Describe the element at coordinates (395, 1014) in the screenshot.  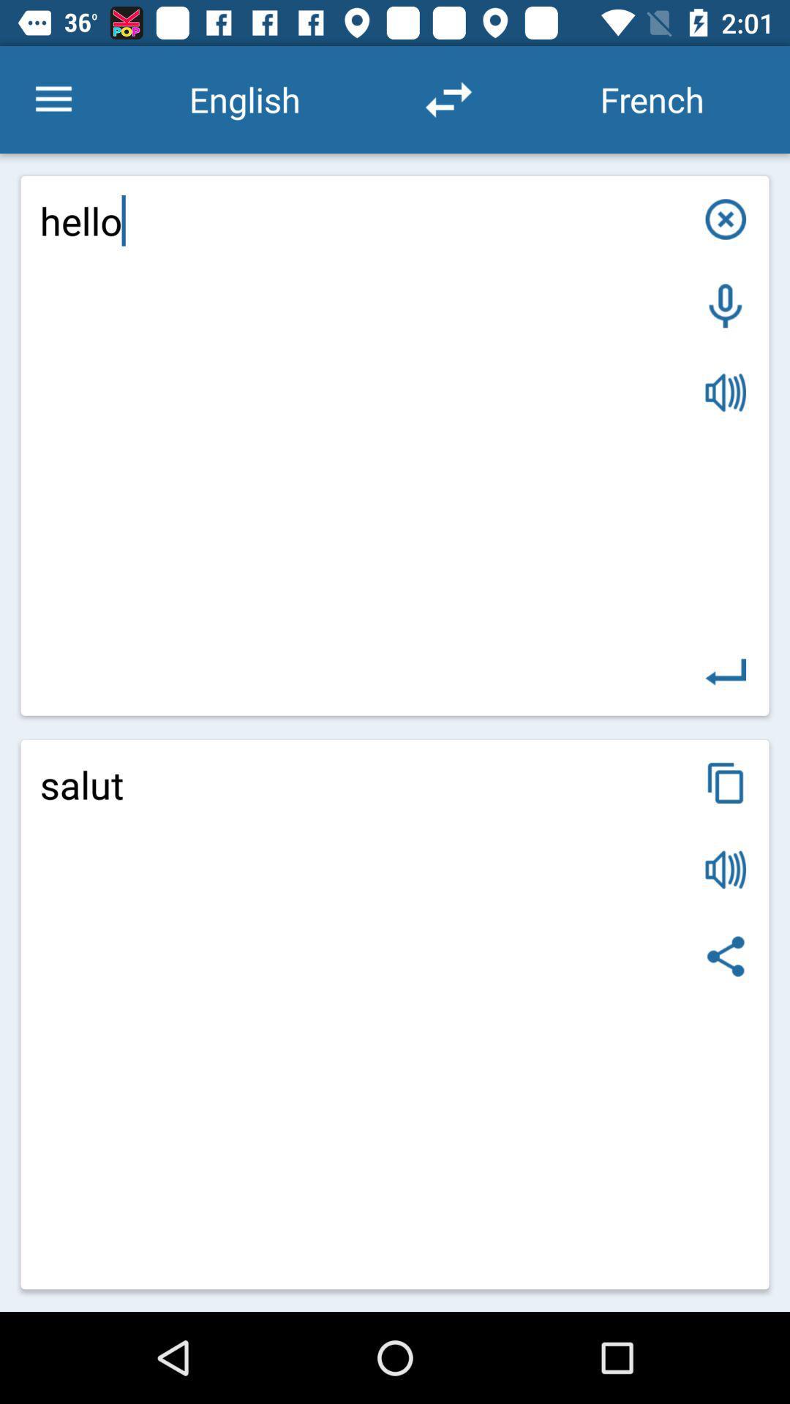
I see `salut` at that location.